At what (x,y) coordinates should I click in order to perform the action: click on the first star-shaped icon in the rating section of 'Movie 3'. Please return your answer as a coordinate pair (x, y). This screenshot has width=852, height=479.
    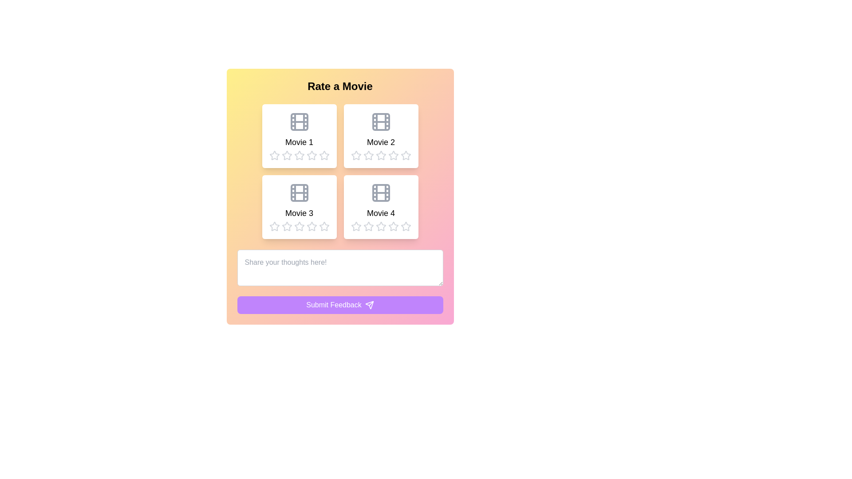
    Looking at the image, I should click on (287, 226).